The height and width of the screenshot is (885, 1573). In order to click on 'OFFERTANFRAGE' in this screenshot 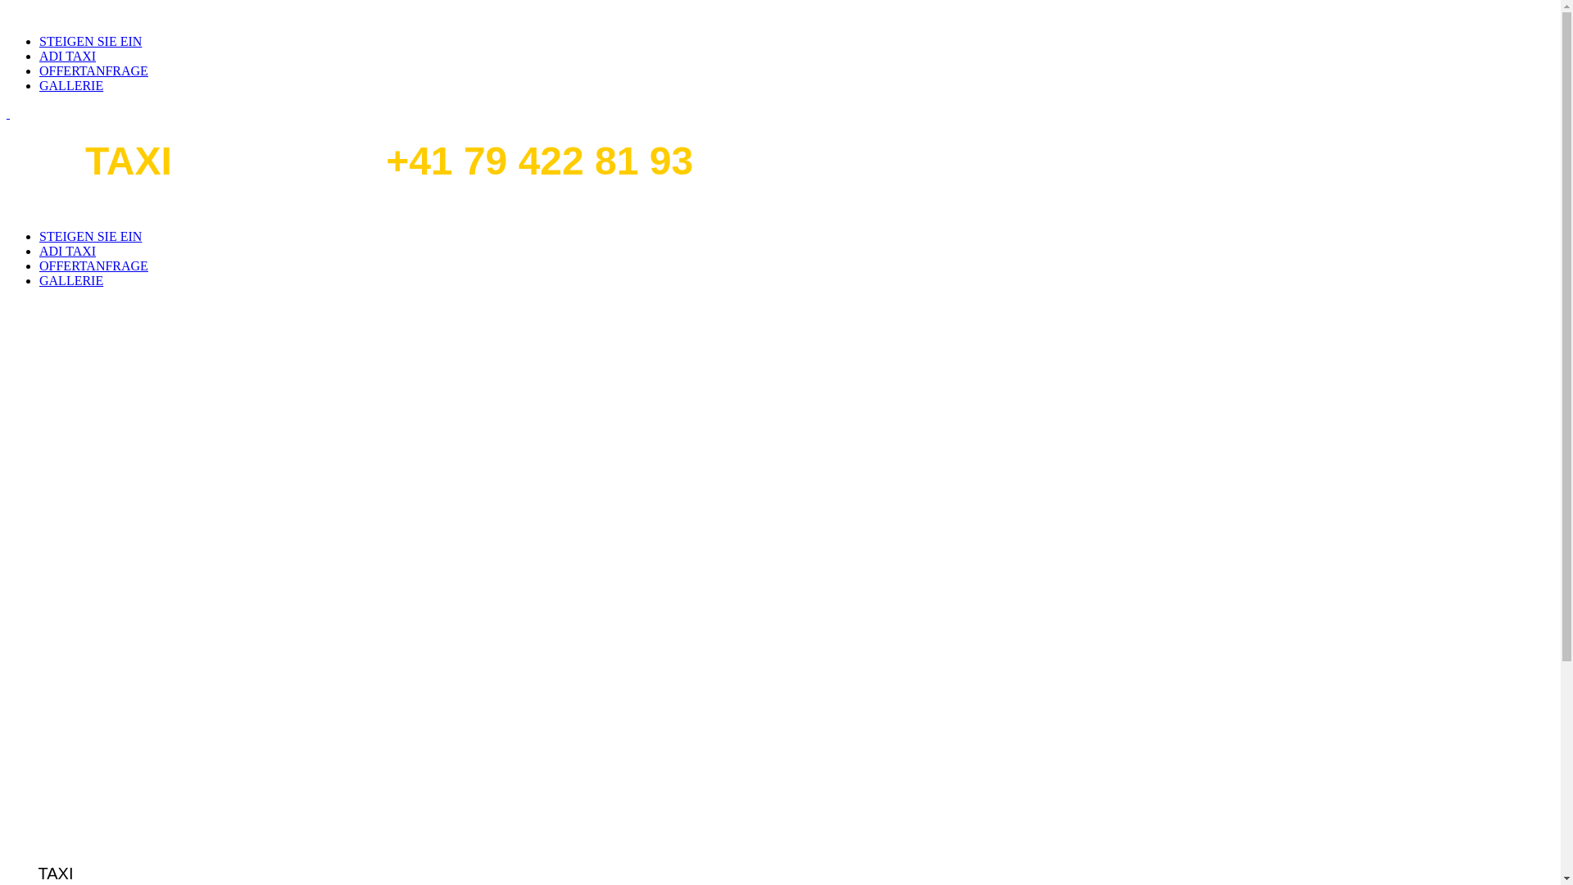, I will do `click(39, 70)`.